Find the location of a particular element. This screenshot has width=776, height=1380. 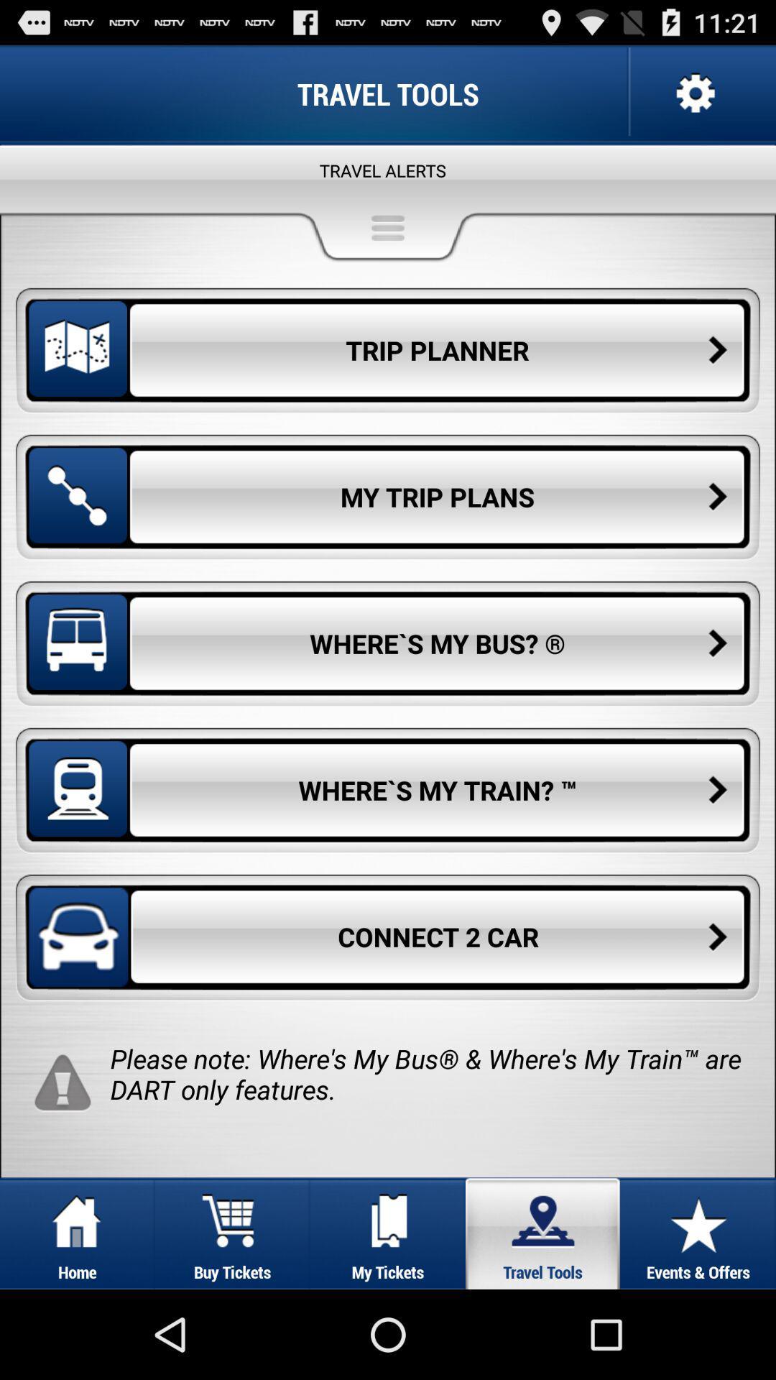

opens options menu is located at coordinates (693, 93).